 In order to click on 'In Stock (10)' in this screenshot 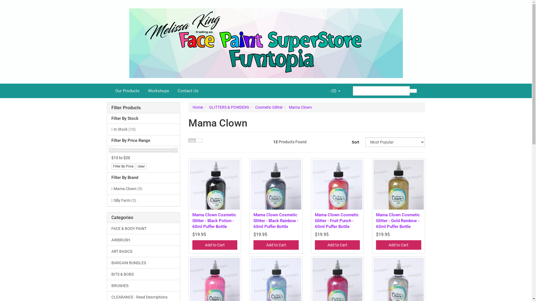, I will do `click(143, 129)`.